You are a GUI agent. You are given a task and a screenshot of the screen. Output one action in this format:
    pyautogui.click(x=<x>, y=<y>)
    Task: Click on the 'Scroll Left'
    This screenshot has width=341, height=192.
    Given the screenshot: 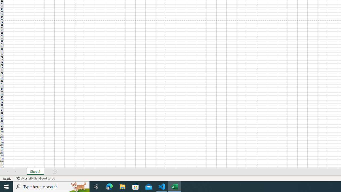 What is the action you would take?
    pyautogui.click(x=8, y=172)
    